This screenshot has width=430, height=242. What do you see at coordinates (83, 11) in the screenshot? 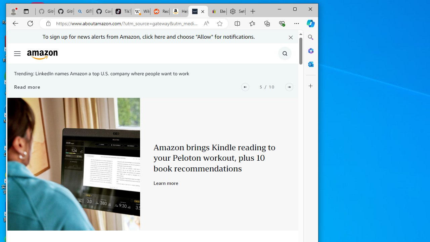
I see `'GITHUB - Search'` at bounding box center [83, 11].